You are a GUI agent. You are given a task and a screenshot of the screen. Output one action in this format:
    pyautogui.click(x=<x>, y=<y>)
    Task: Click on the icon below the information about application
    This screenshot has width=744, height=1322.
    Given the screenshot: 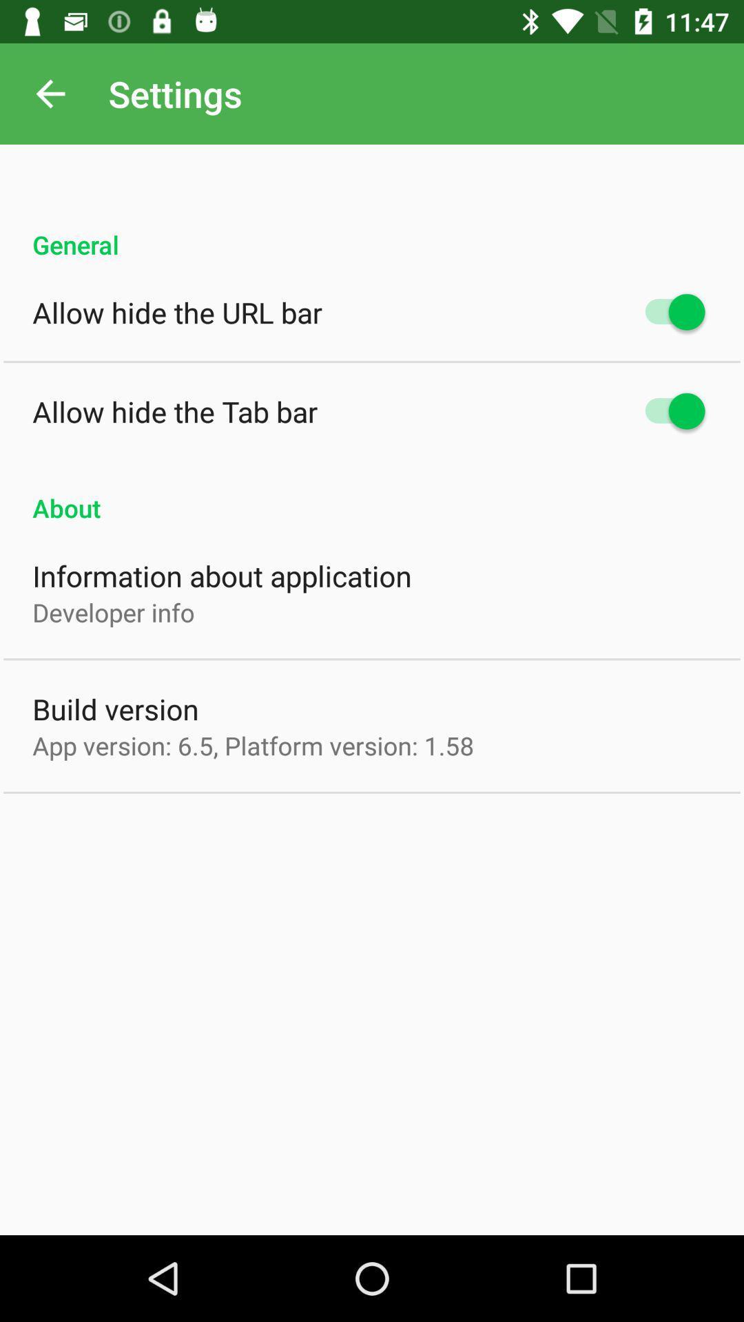 What is the action you would take?
    pyautogui.click(x=113, y=611)
    